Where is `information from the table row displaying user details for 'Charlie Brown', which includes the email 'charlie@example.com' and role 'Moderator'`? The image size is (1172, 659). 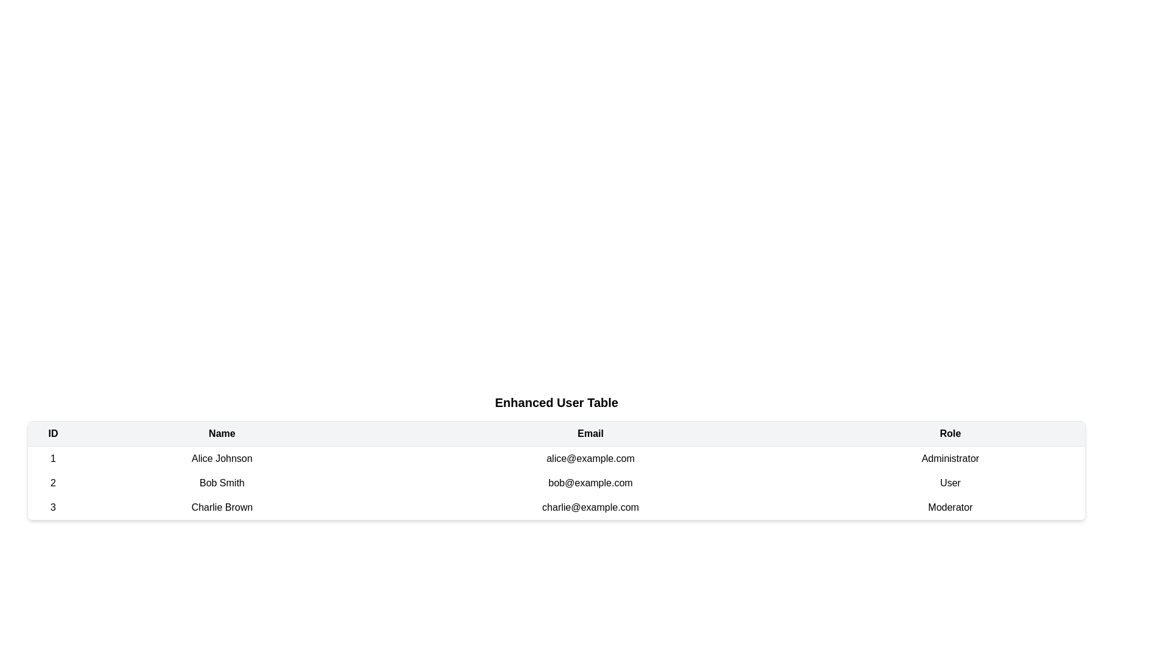
information from the table row displaying user details for 'Charlie Brown', which includes the email 'charlie@example.com' and role 'Moderator' is located at coordinates (556, 508).